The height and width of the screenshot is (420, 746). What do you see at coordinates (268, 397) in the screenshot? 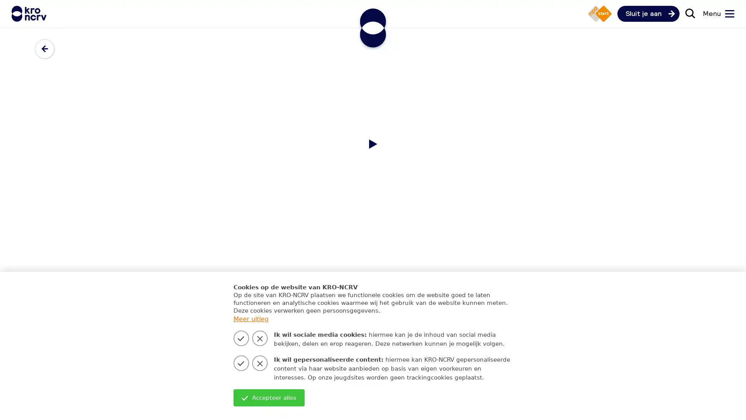
I see `Accepteer alles` at bounding box center [268, 397].